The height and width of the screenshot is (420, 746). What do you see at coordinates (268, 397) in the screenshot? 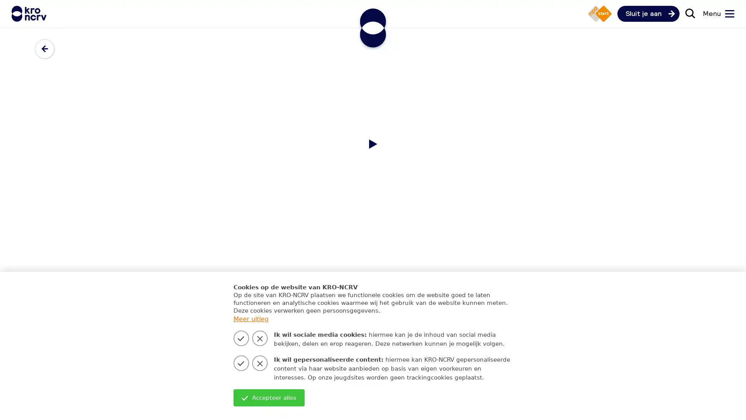
I see `Accepteer alles` at bounding box center [268, 397].